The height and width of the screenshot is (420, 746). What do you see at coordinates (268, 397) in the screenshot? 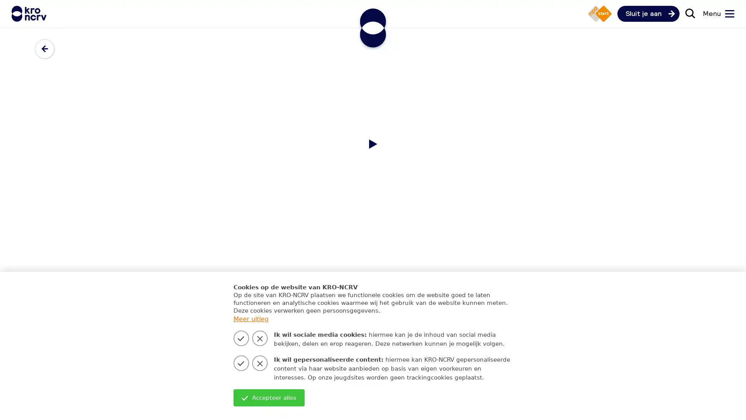
I see `Accepteer alles` at bounding box center [268, 397].